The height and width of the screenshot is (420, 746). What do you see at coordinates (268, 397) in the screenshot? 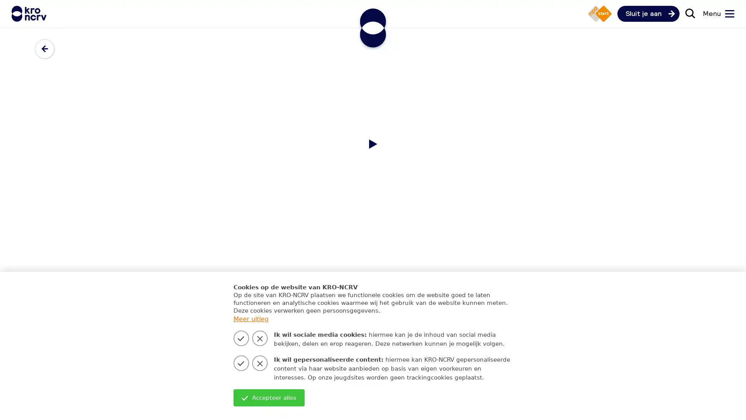
I see `Accepteer alles` at bounding box center [268, 397].